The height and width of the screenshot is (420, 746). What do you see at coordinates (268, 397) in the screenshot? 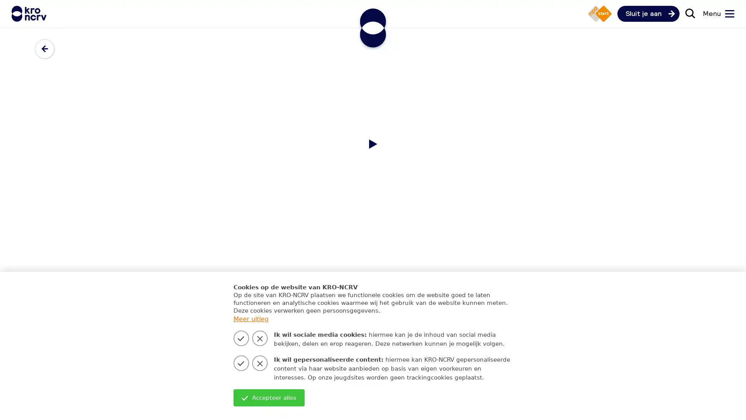
I see `Accepteer alles` at bounding box center [268, 397].